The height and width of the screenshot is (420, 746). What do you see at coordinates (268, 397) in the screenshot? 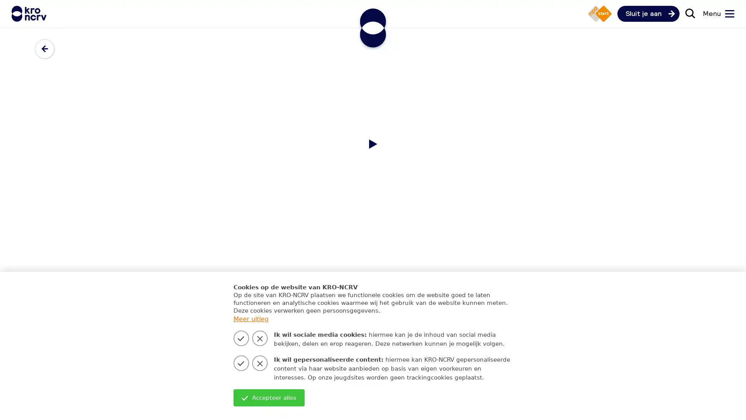
I see `Accepteer alles` at bounding box center [268, 397].